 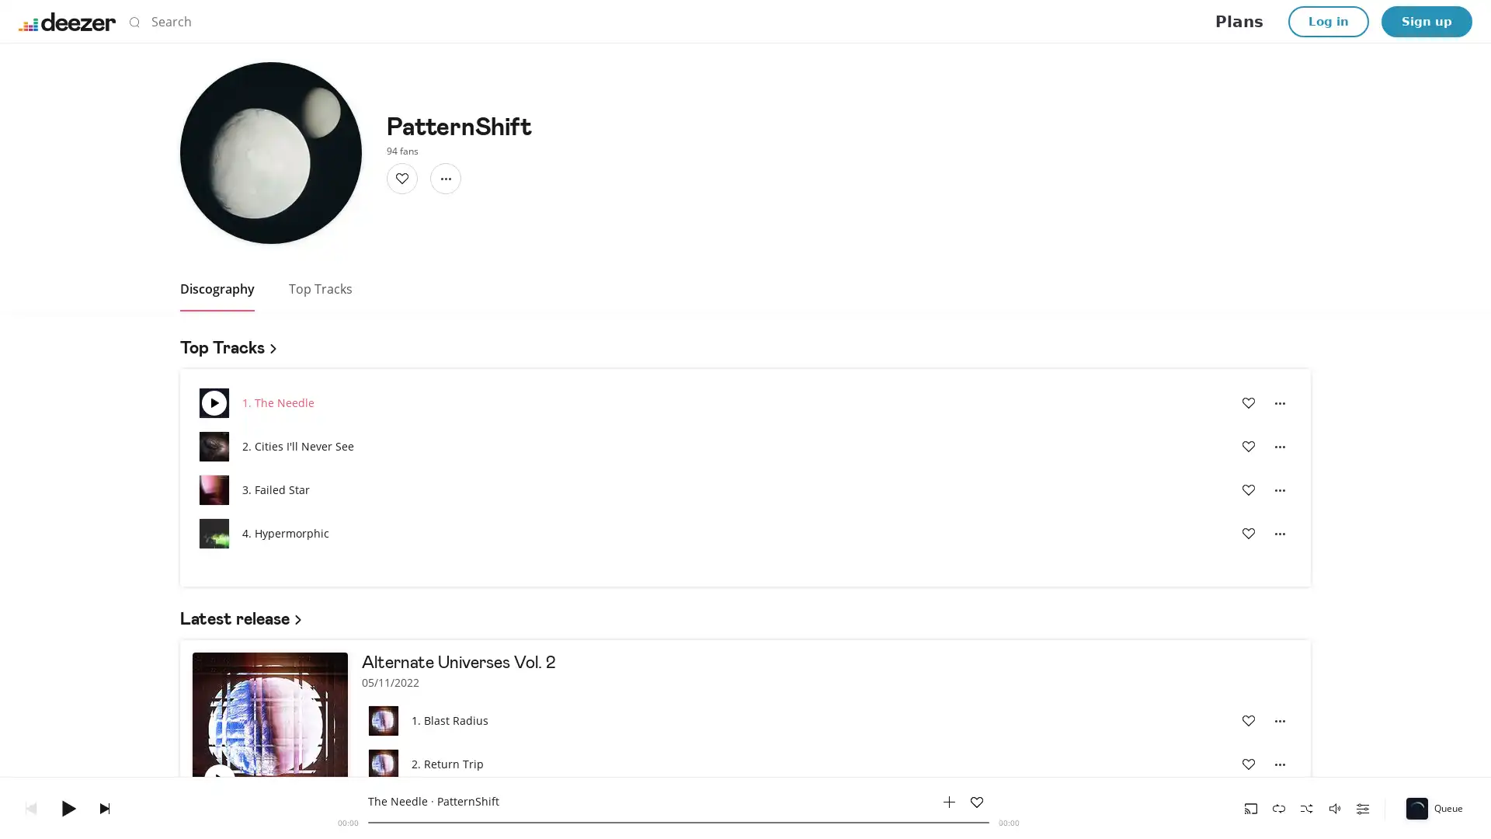 I want to click on Play Hypermorphic by PatternShift, so click(x=213, y=532).